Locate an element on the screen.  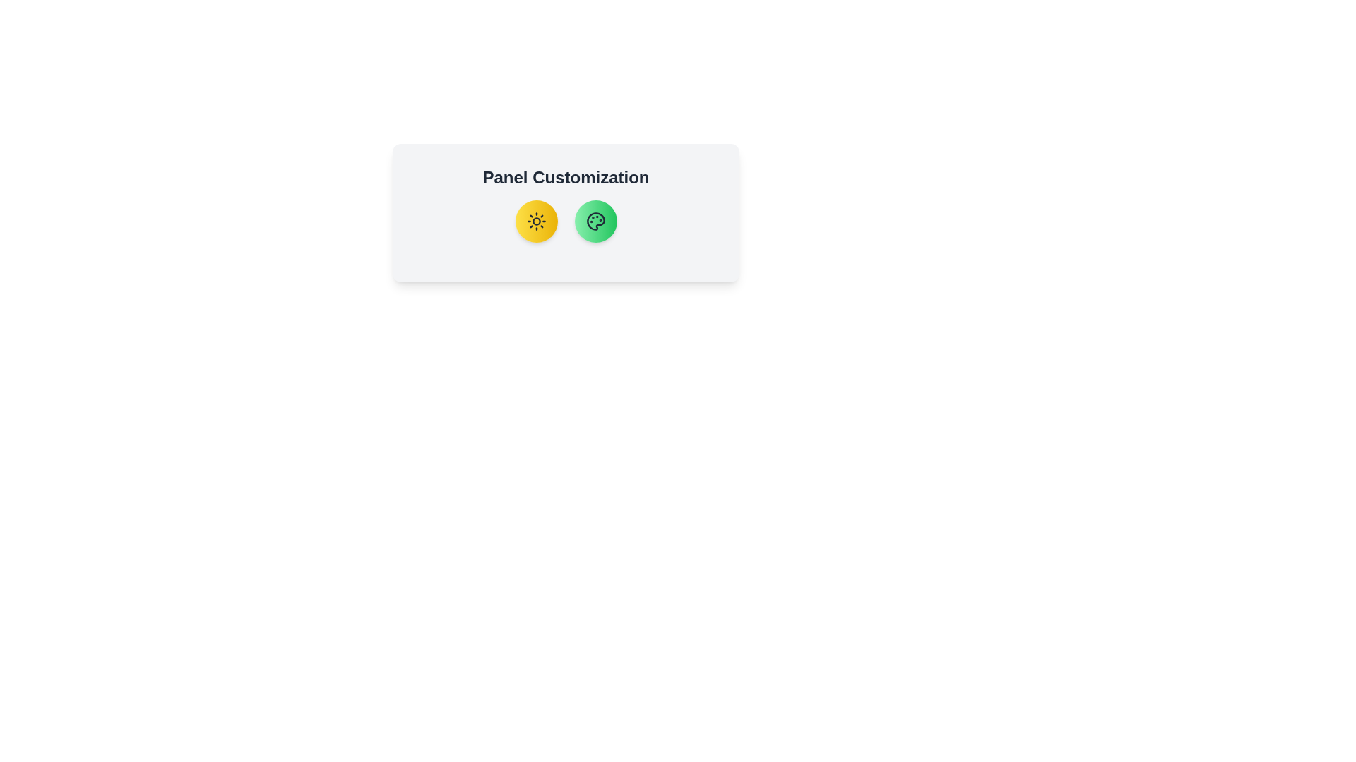
the painter's palette icon button located under the 'Panel Customization' heading is located at coordinates (595, 221).